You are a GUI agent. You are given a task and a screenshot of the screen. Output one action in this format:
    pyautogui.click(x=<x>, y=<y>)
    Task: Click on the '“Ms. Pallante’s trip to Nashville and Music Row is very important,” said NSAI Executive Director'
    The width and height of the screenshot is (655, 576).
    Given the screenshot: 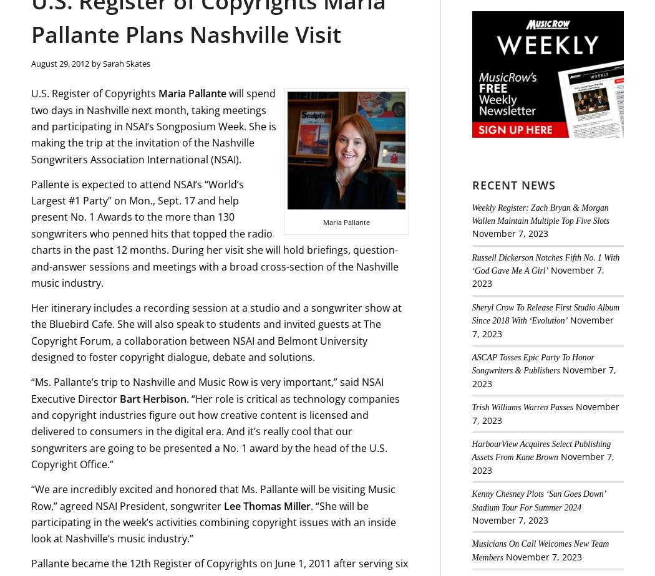 What is the action you would take?
    pyautogui.click(x=207, y=390)
    